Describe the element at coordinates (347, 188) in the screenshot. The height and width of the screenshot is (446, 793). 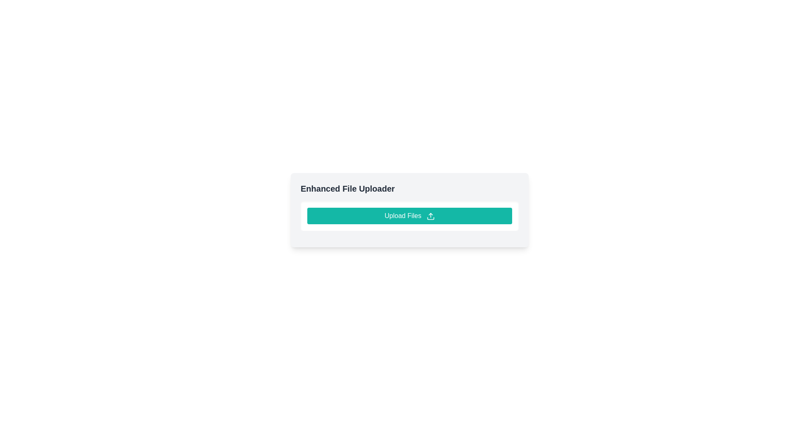
I see `the static text element that serves as the title for the UI card, located at the top-left corner of the card` at that location.